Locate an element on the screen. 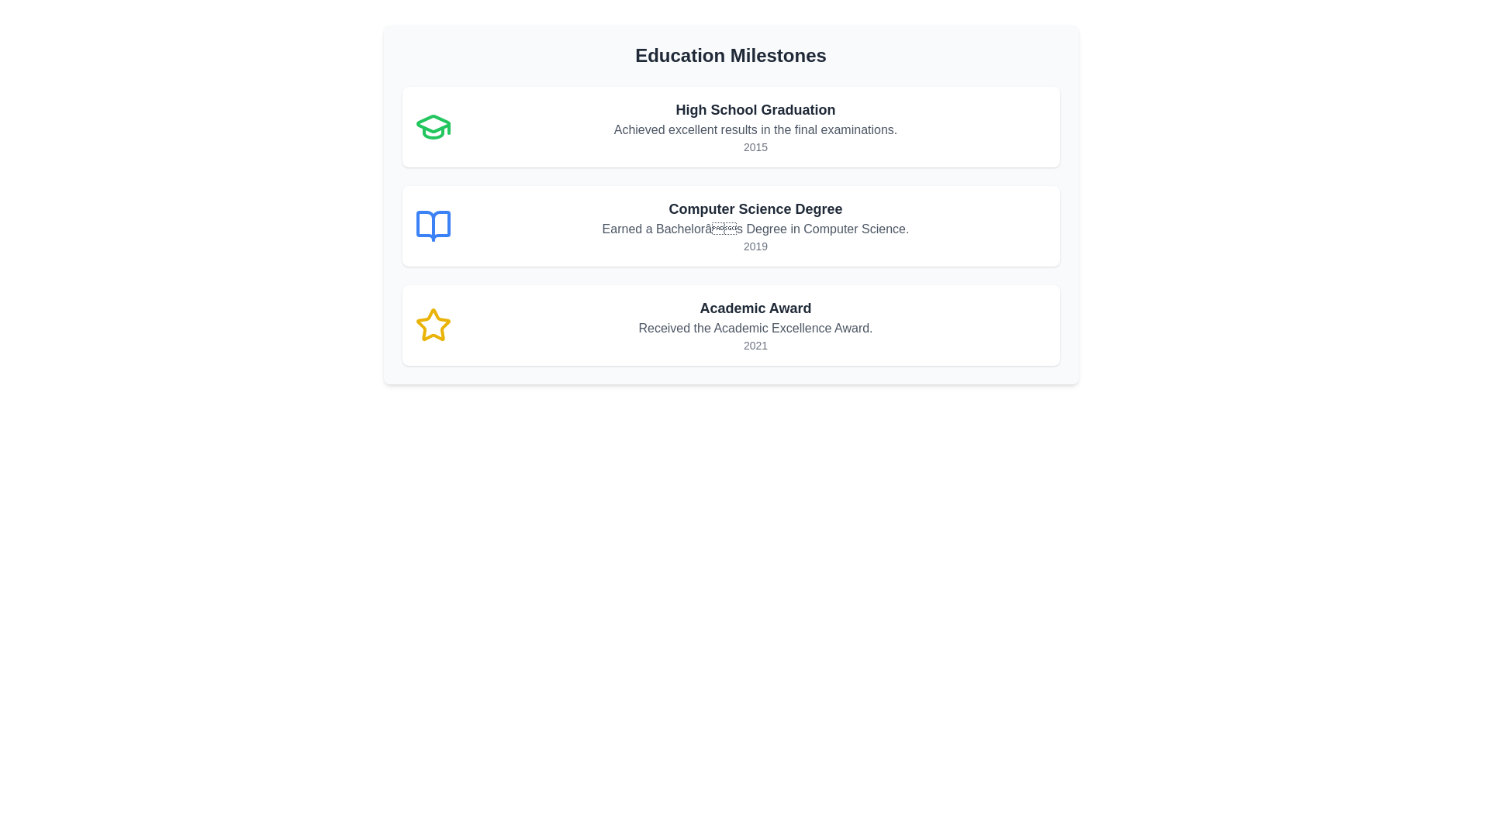 This screenshot has width=1489, height=837. the Text display card displaying 'Computer Science Degree' which contains the description 'Earned a Bachelor’s Degree in Computer Science' and the year '2019' is located at coordinates (755, 226).